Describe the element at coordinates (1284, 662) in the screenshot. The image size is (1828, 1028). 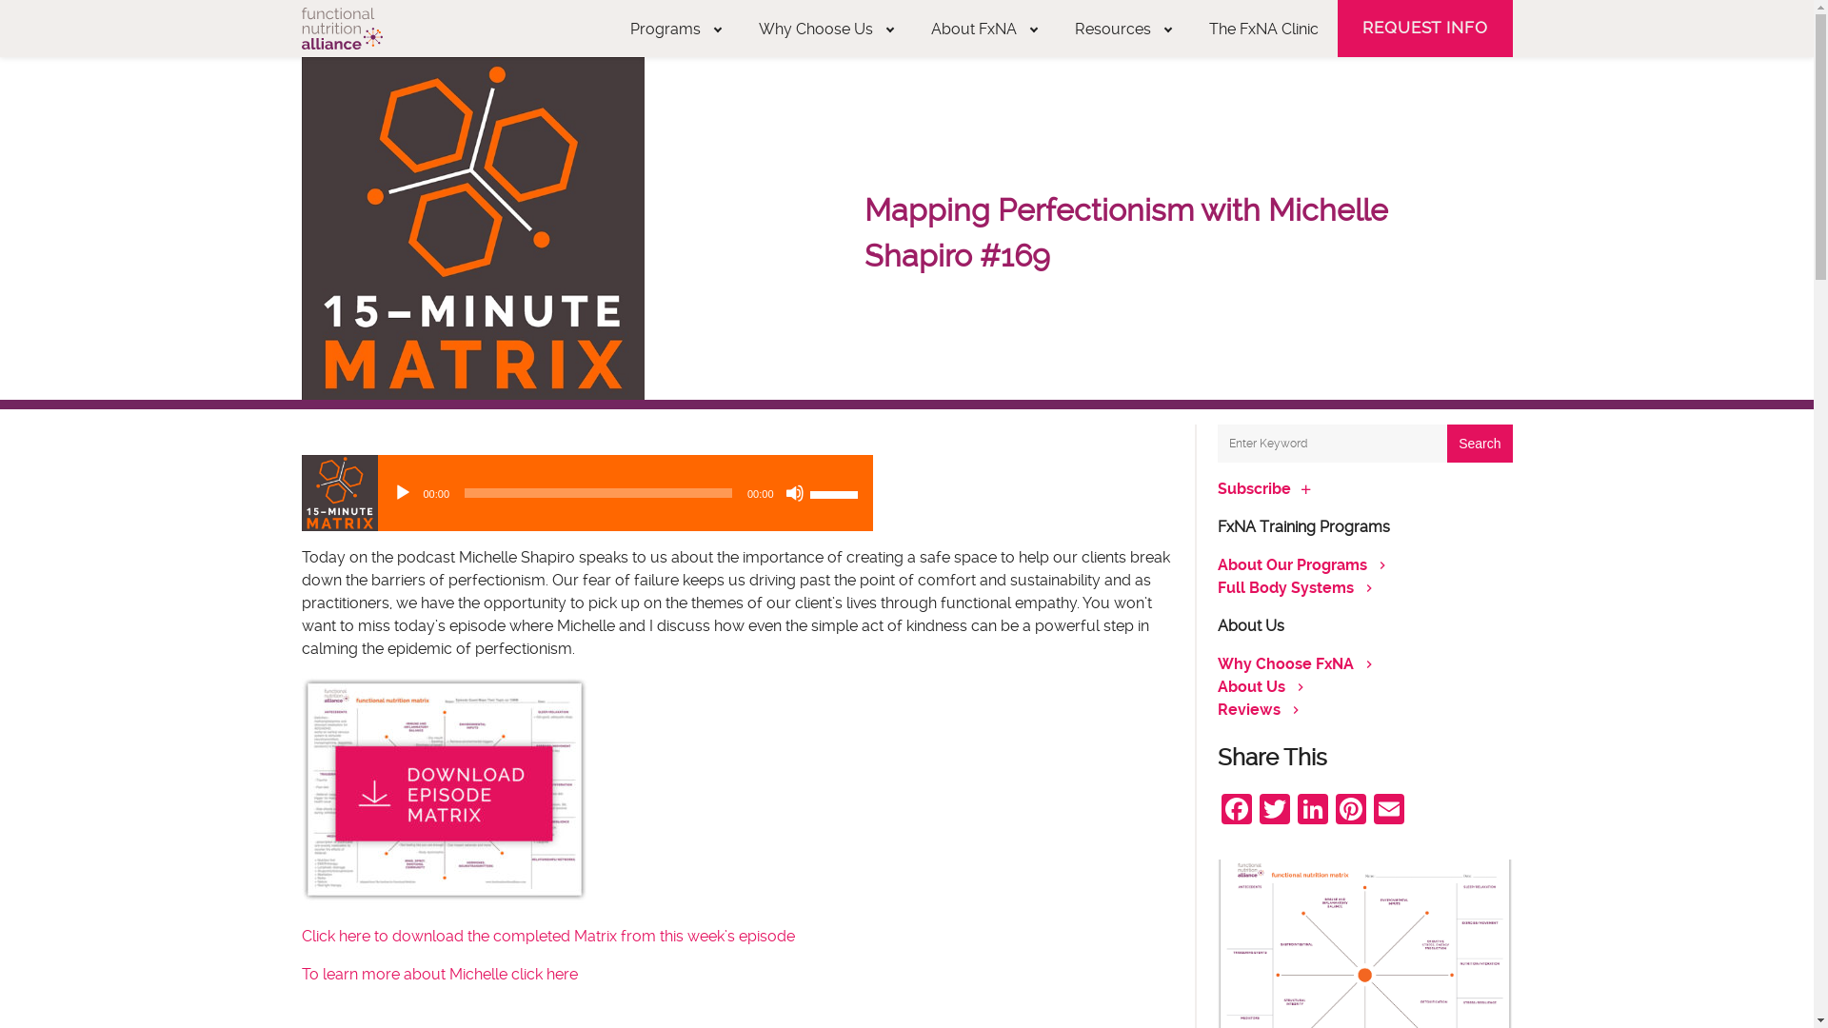
I see `'Why Choose FxNA'` at that location.